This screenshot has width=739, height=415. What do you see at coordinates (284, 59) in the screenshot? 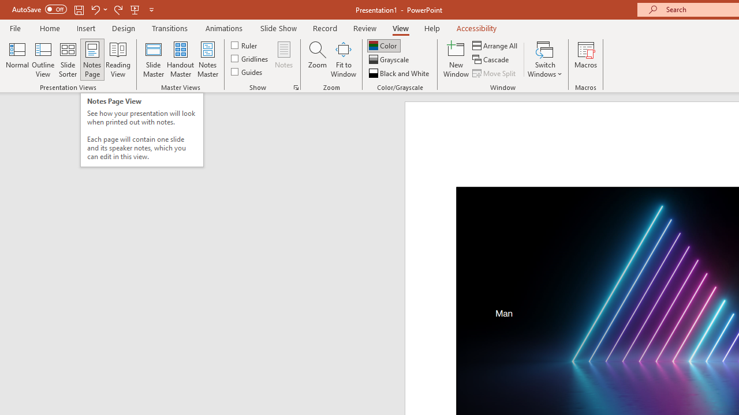
I see `'Notes'` at bounding box center [284, 59].